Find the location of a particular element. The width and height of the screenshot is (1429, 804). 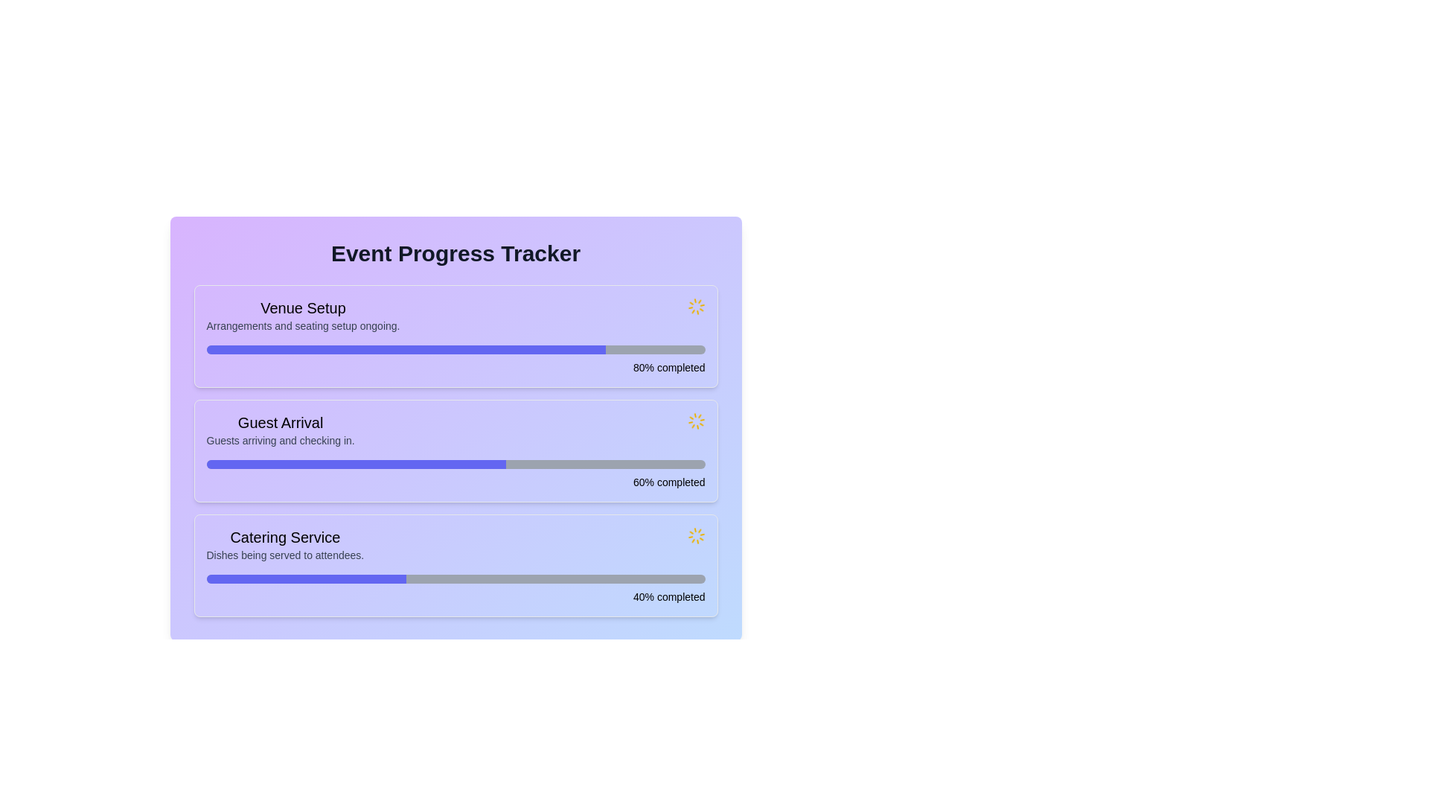

the progress indicator bar that is 40% filled and located within the 'Catering Service' progress bar, situated below the 'Dishes being served to attendees' text is located at coordinates (305, 578).